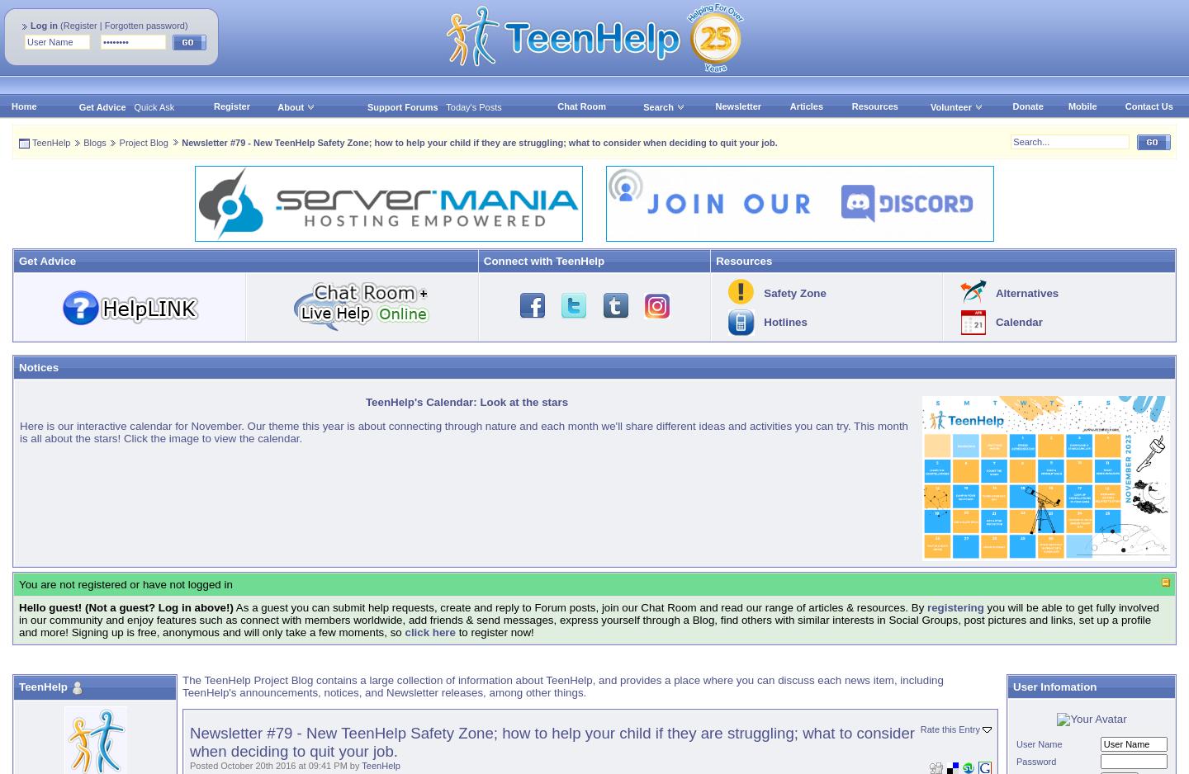 The width and height of the screenshot is (1189, 774). What do you see at coordinates (37, 366) in the screenshot?
I see `'Notices'` at bounding box center [37, 366].